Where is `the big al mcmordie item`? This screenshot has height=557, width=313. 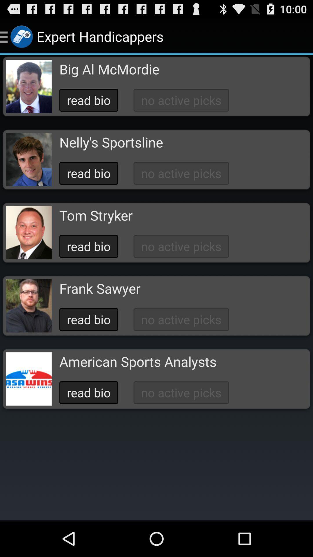 the big al mcmordie item is located at coordinates (109, 69).